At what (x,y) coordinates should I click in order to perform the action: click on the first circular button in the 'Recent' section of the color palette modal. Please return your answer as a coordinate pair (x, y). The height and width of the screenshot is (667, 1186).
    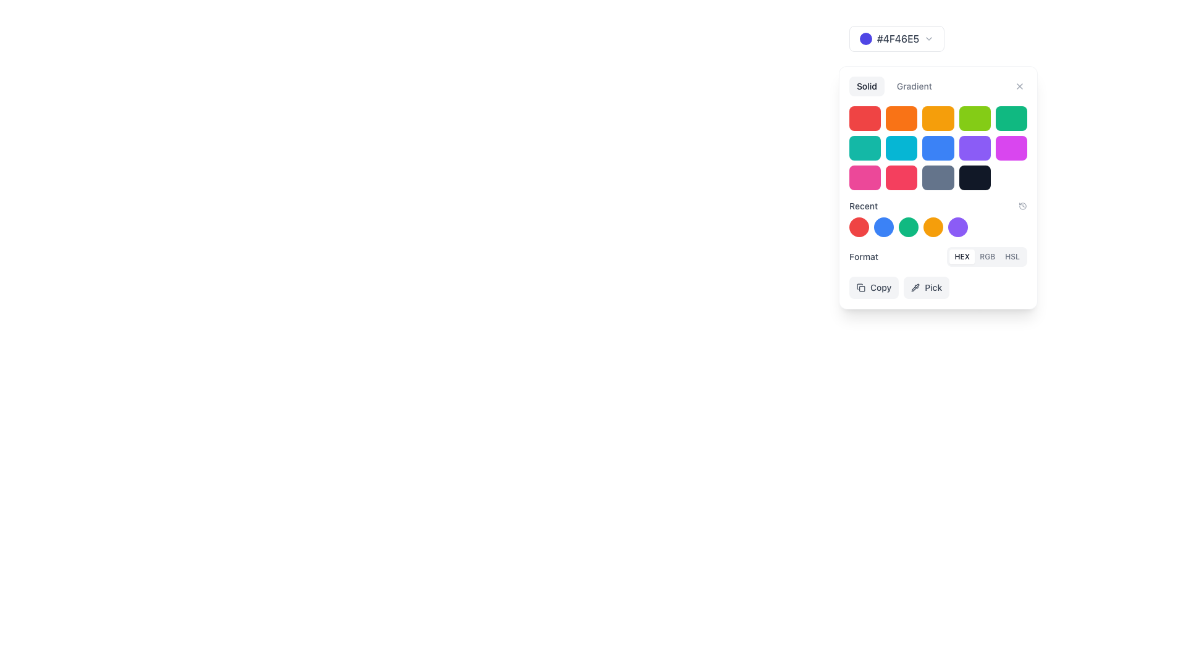
    Looking at the image, I should click on (859, 227).